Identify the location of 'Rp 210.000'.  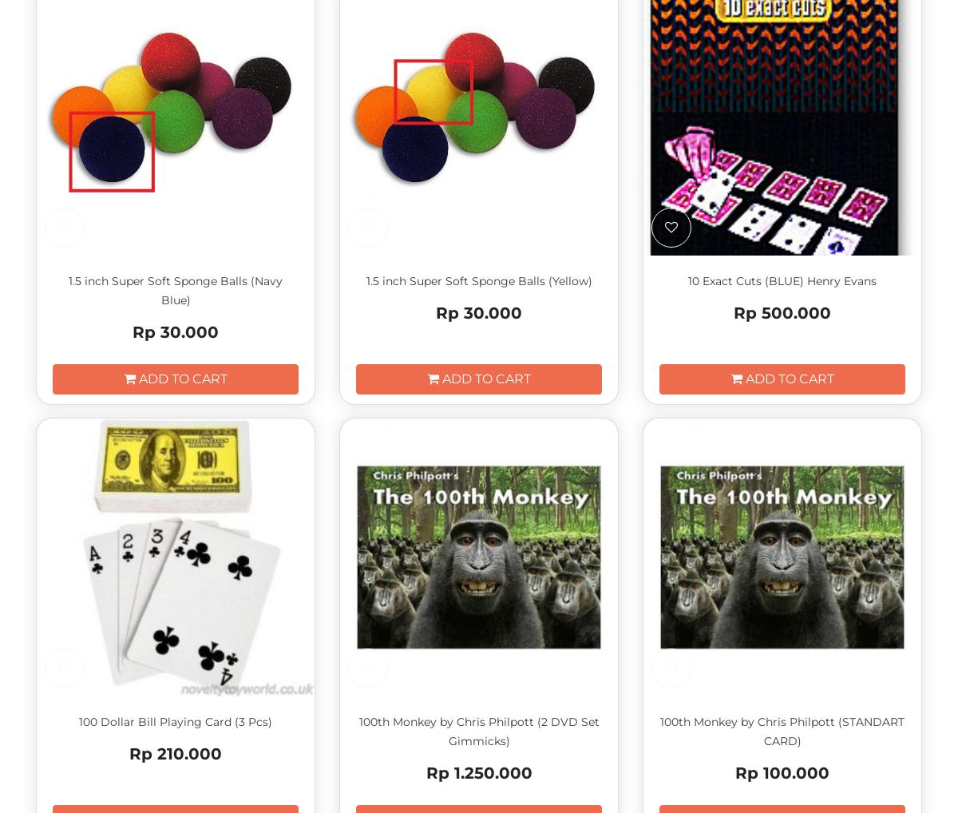
(129, 752).